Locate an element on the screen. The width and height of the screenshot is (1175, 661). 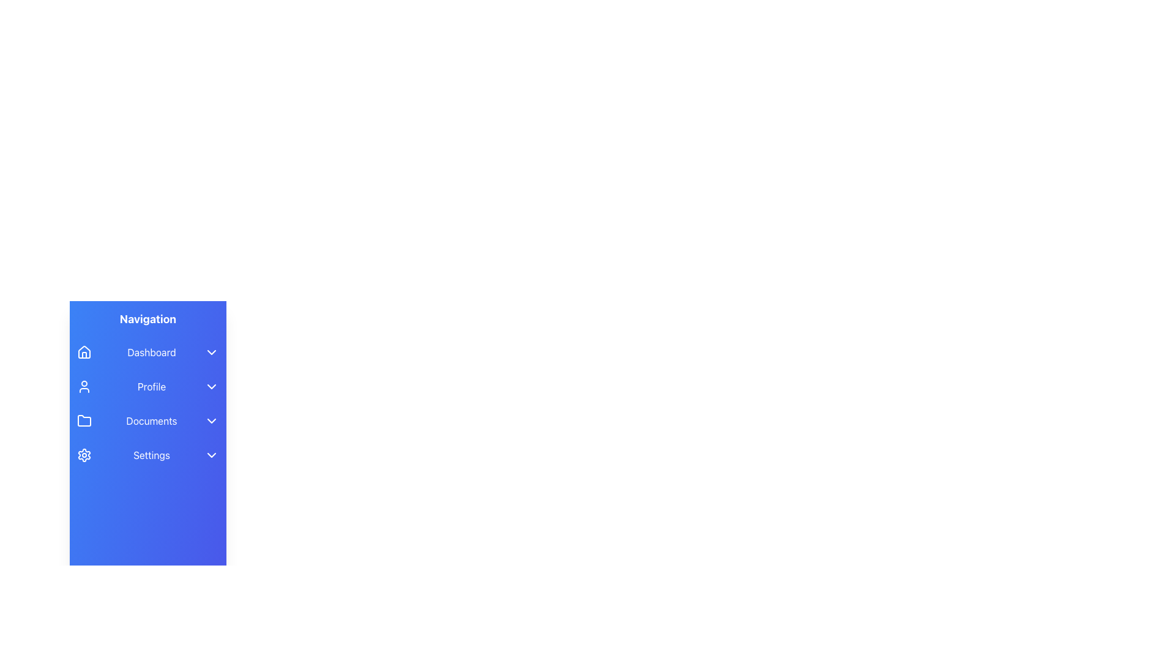
the 'Settings' text label in the sidebar navigation options, which is positioned fourth in the list, between a gear icon and a downward chevron icon is located at coordinates (151, 455).